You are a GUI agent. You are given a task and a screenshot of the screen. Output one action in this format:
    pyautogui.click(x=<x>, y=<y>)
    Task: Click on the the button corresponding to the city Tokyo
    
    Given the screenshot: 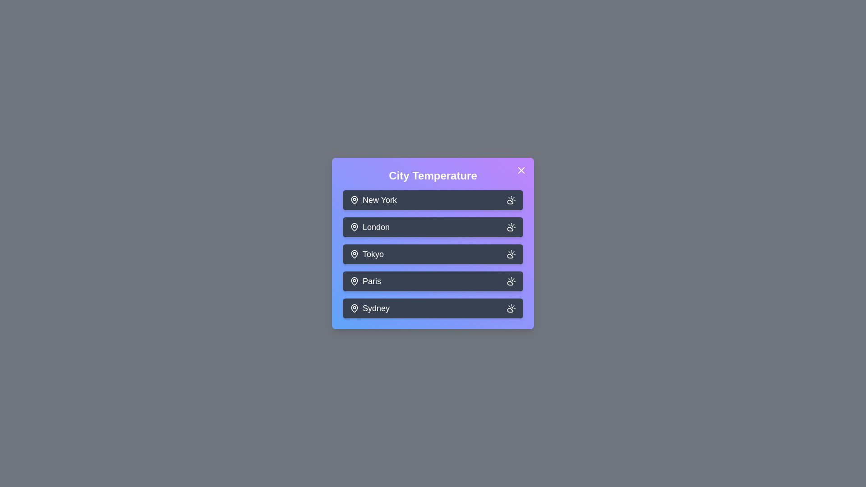 What is the action you would take?
    pyautogui.click(x=433, y=254)
    